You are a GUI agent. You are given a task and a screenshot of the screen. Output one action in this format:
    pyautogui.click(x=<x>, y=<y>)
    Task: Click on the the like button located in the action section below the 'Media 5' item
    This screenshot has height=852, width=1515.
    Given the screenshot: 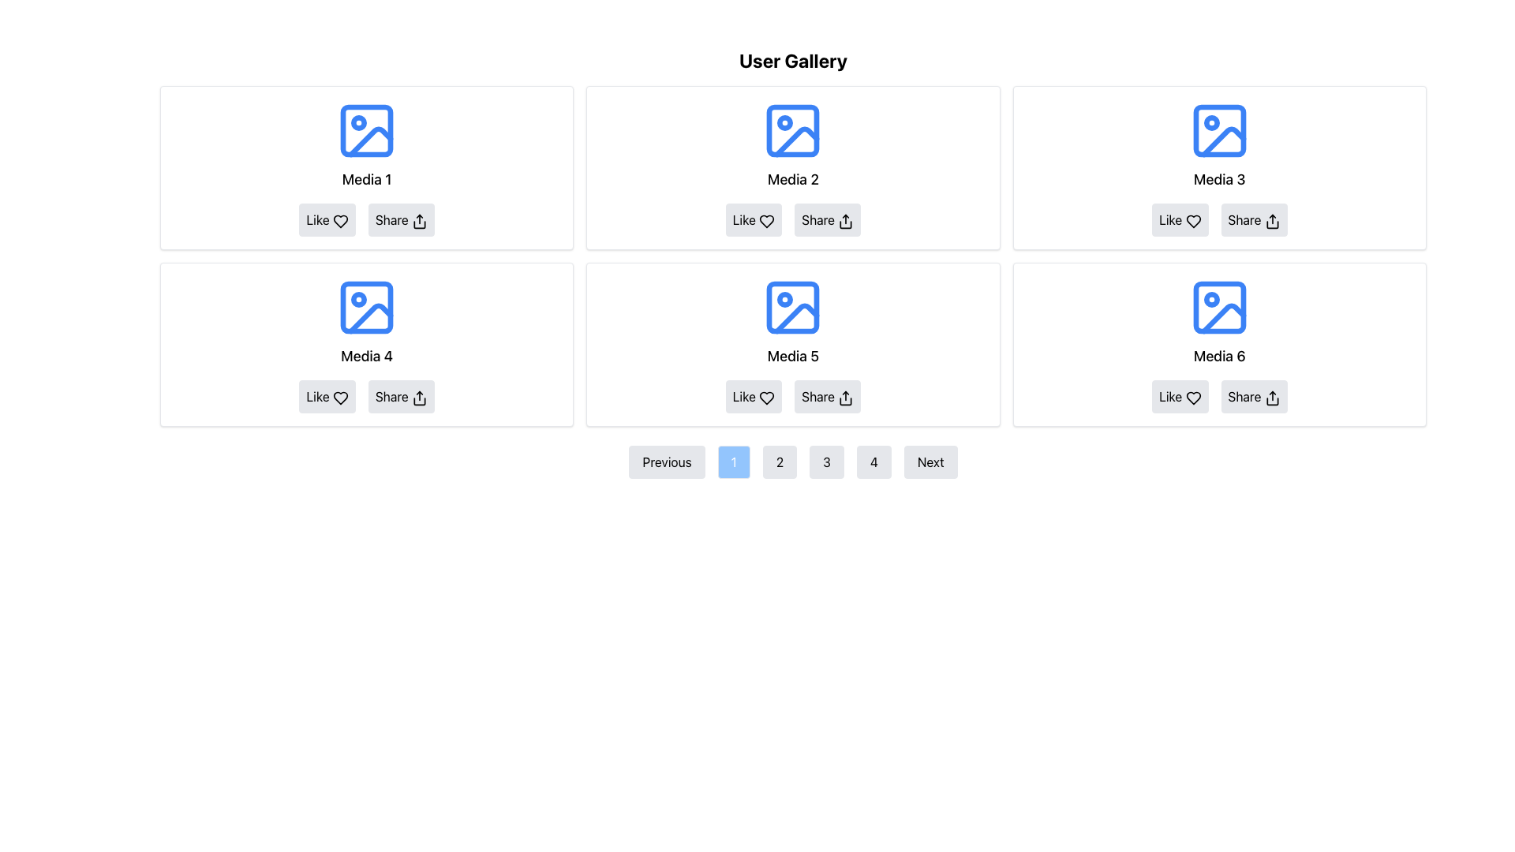 What is the action you would take?
    pyautogui.click(x=753, y=395)
    